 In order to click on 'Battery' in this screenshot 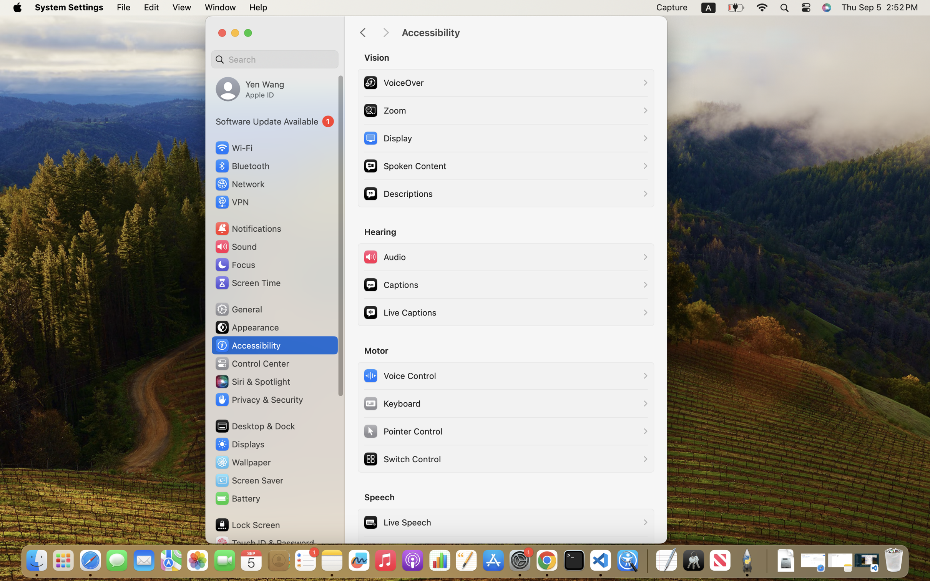, I will do `click(237, 498)`.